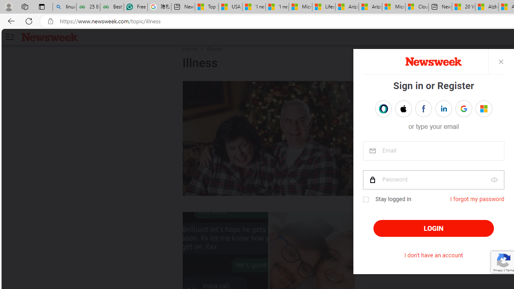 The height and width of the screenshot is (289, 514). What do you see at coordinates (443, 109) in the screenshot?
I see `'Sign in with LINKEDIN'` at bounding box center [443, 109].